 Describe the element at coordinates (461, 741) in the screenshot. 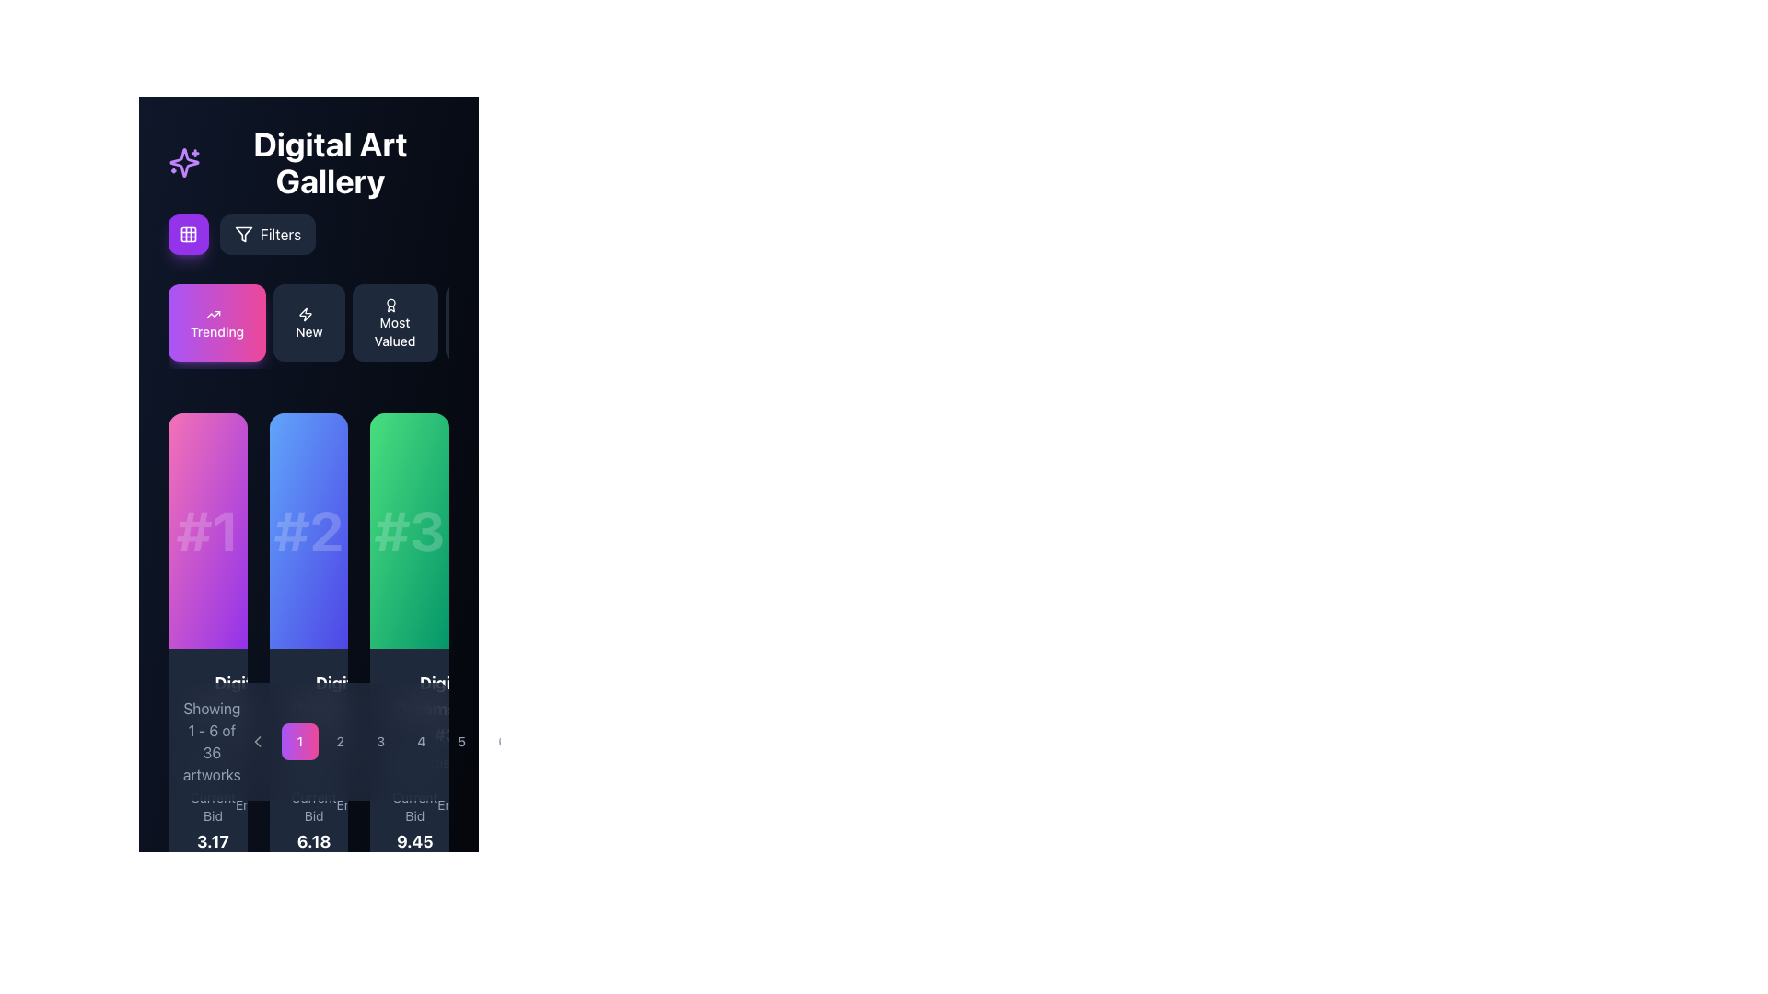

I see `the rounded square button labeled '5' with a gray background` at that location.